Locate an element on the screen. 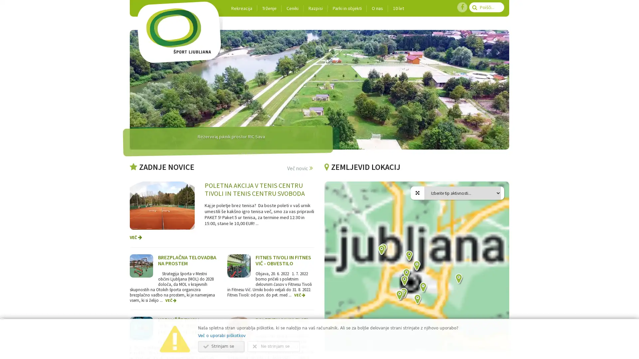  Kako do nas? is located at coordinates (408, 256).